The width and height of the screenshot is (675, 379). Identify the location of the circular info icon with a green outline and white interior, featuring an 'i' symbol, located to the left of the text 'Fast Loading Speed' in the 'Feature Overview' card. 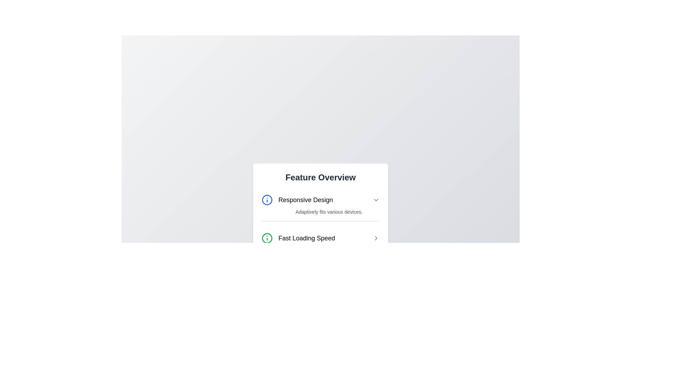
(266, 238).